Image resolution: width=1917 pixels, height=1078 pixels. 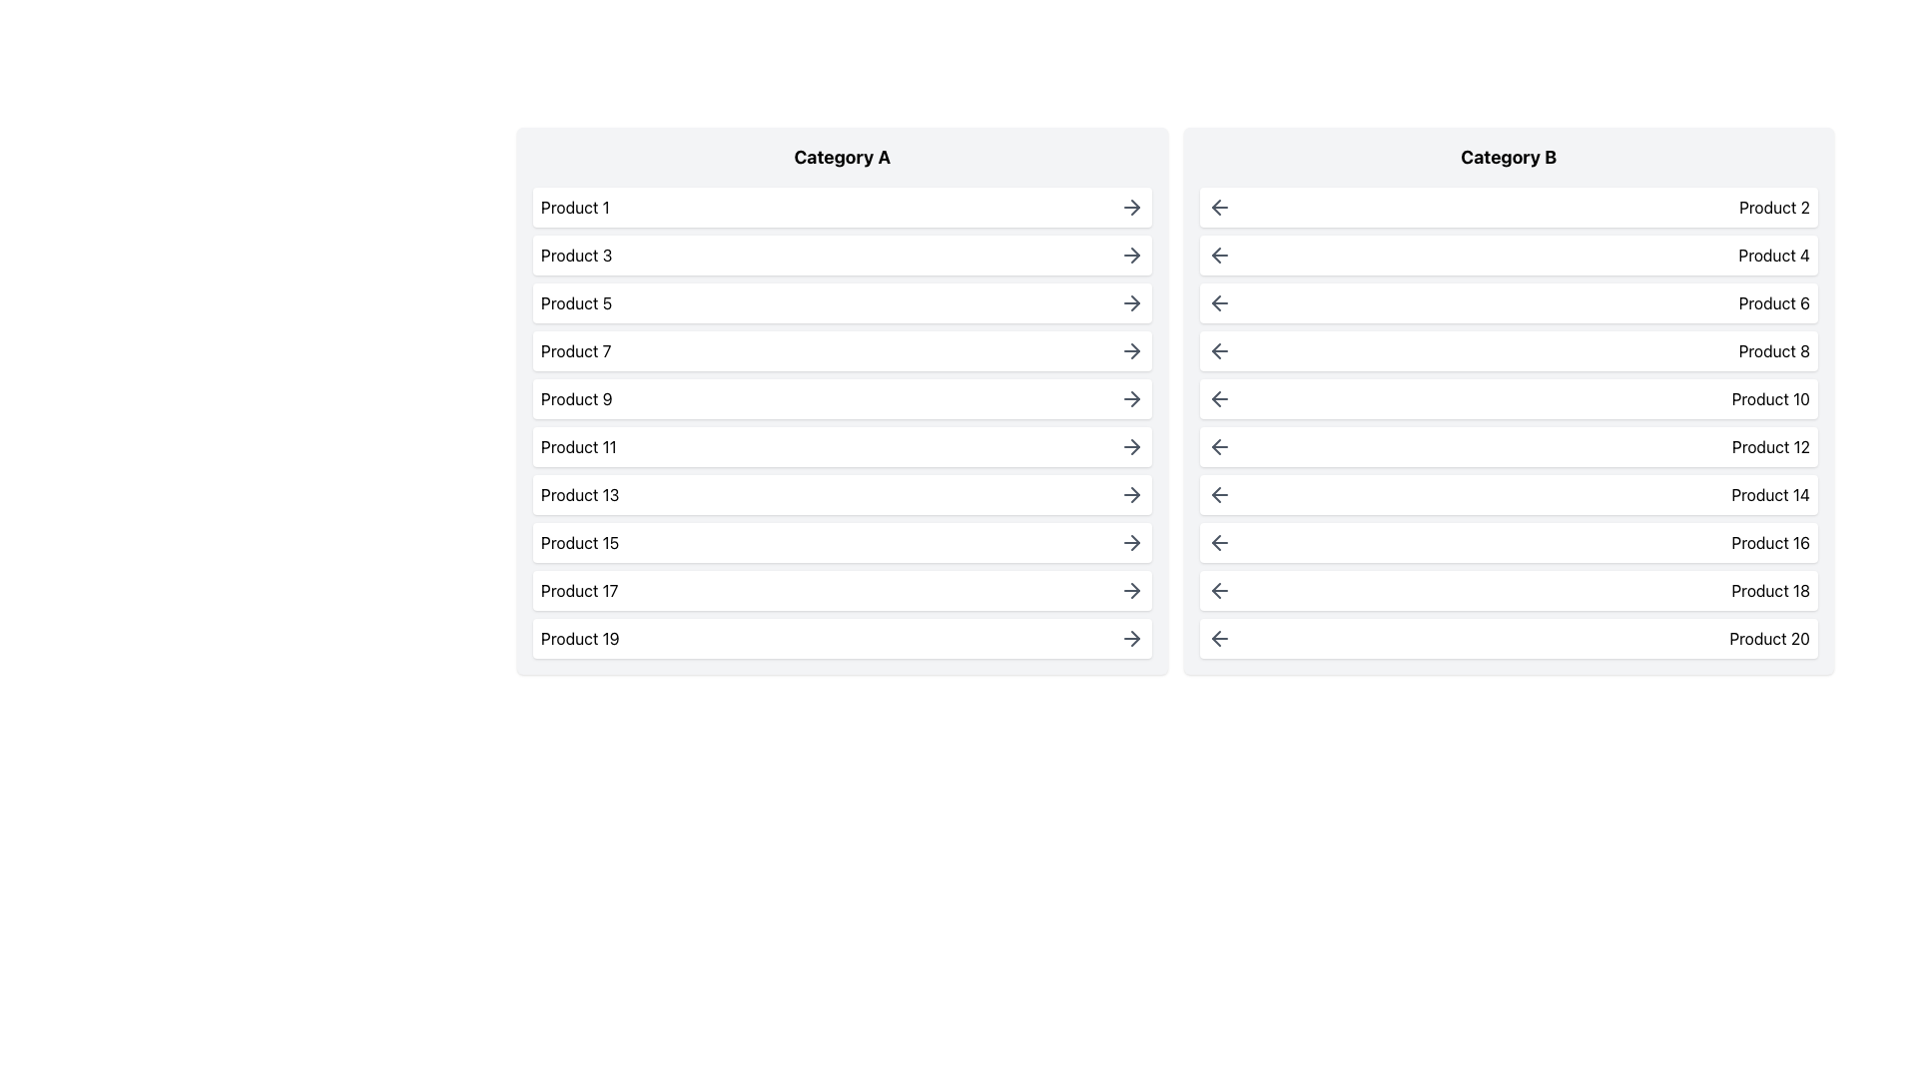 What do you see at coordinates (1215, 639) in the screenshot?
I see `the left-pointing arrow icon in the 'Product 20' row under 'Category B' in the right column interface` at bounding box center [1215, 639].